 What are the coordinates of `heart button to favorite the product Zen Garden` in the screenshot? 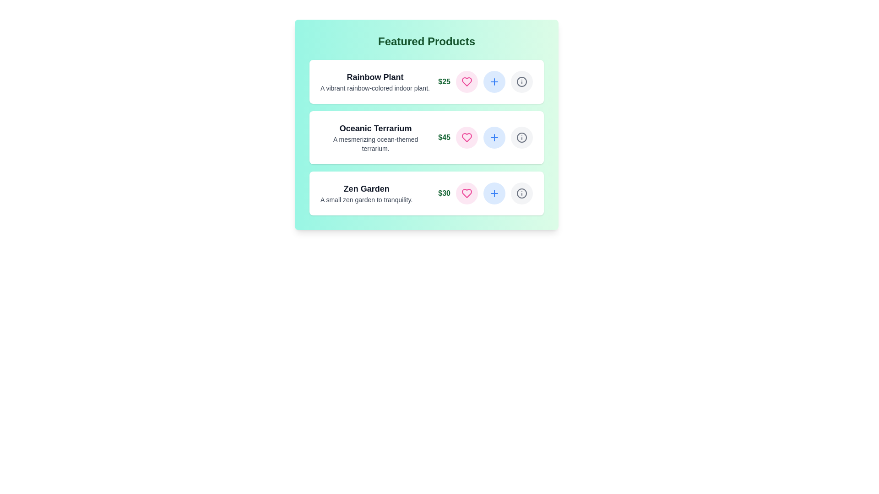 It's located at (467, 193).